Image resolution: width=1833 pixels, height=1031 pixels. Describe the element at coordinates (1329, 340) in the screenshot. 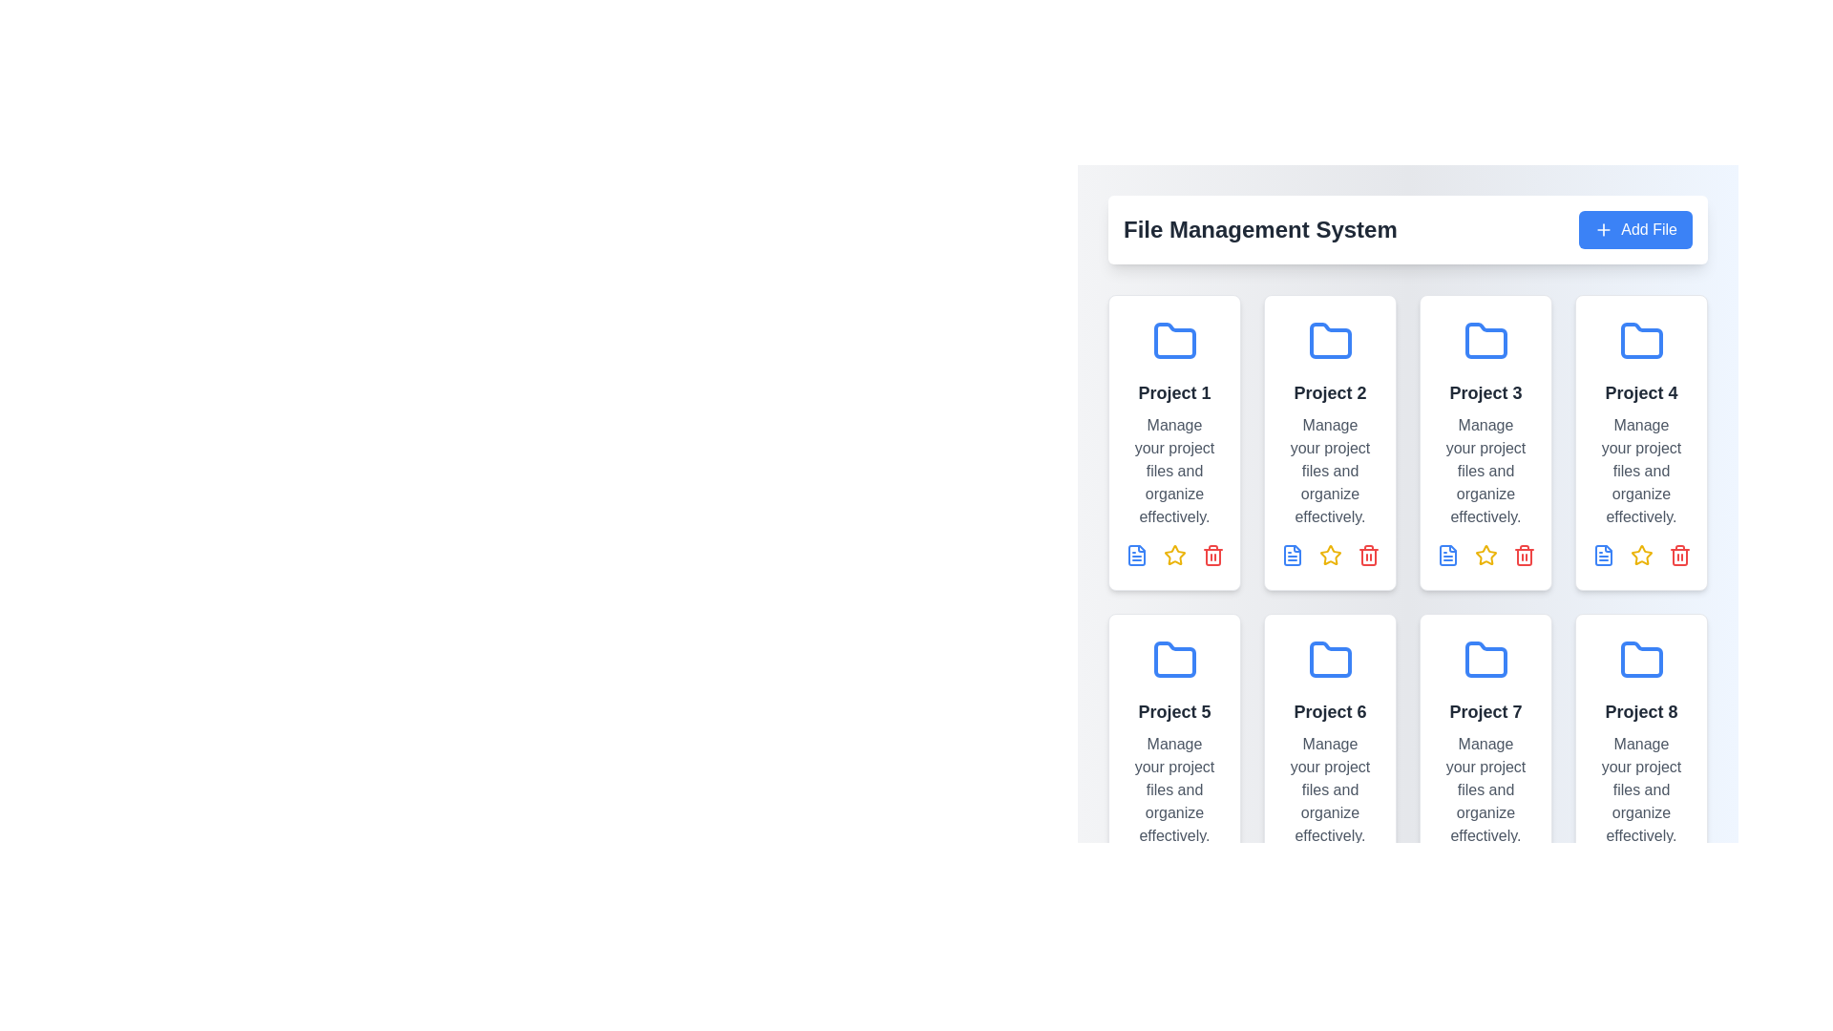

I see `the folder icon in the 'File Management System' interface, located in the second card of the first row` at that location.